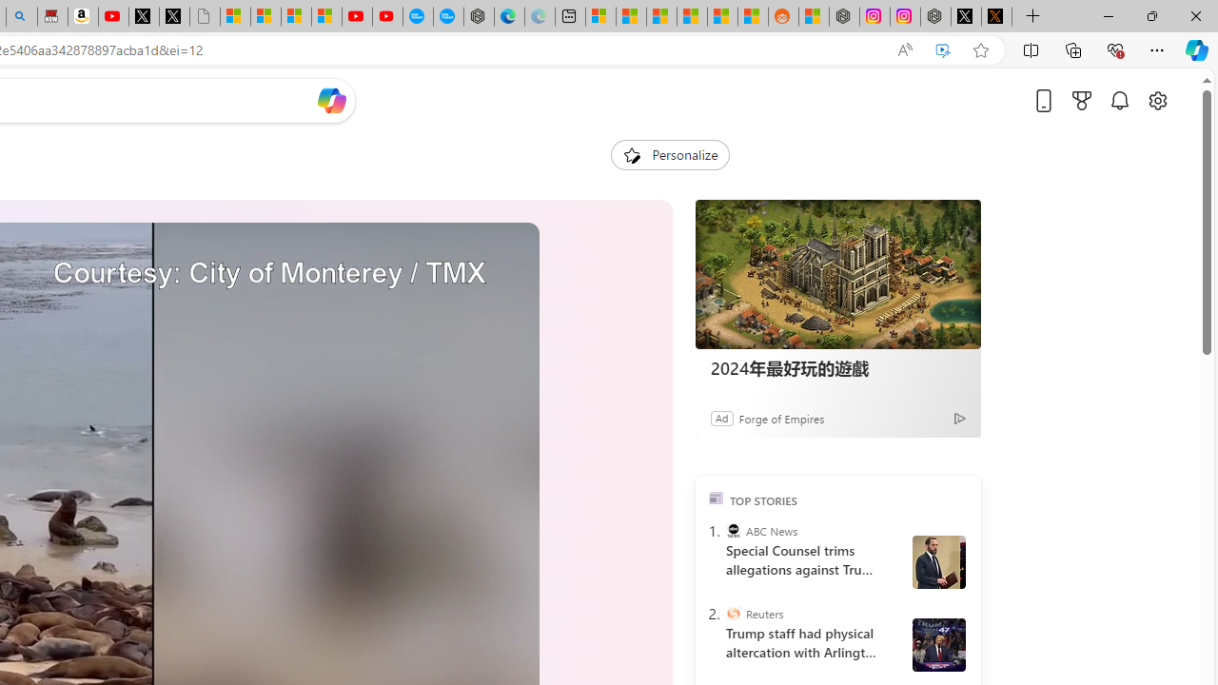  I want to click on 'help.x.com | 524: A timeout occurred', so click(995, 16).